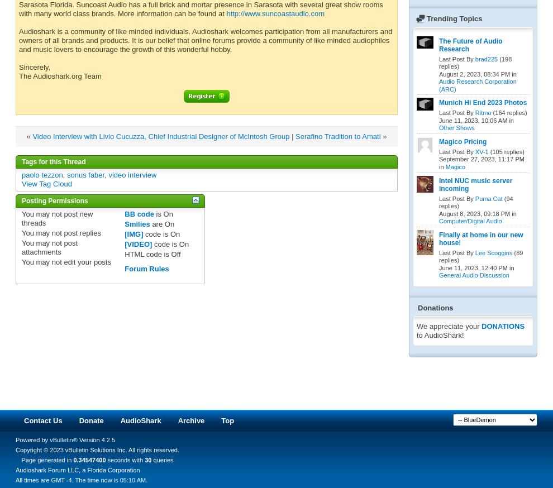 The image size is (553, 488). What do you see at coordinates (50, 246) in the screenshot?
I see `'post attachments'` at bounding box center [50, 246].